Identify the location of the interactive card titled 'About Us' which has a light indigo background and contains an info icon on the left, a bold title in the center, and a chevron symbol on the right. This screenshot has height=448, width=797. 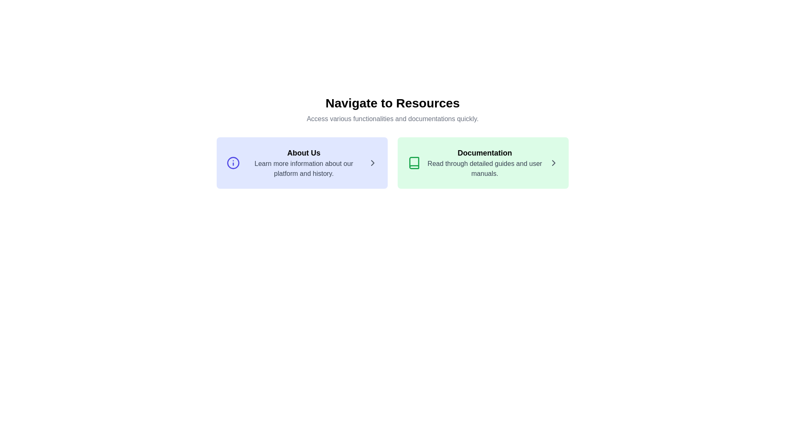
(302, 163).